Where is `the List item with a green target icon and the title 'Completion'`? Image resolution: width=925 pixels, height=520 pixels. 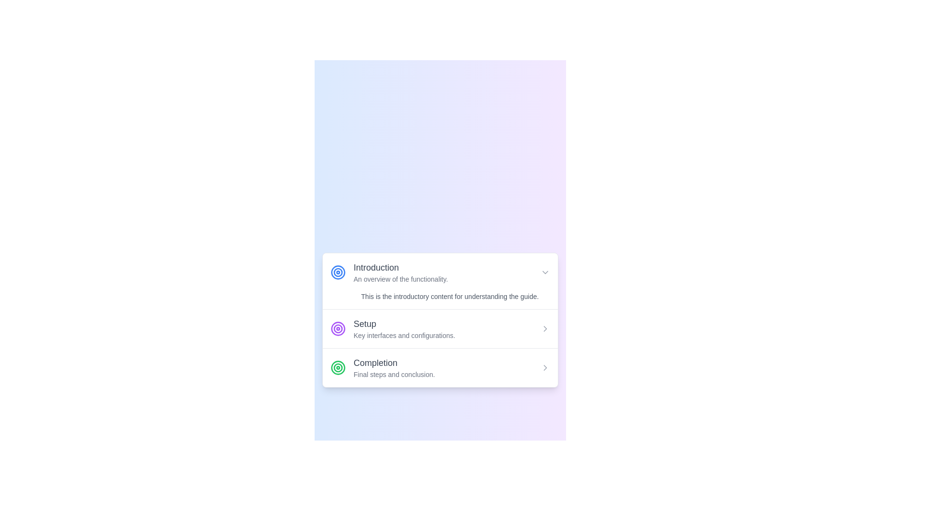
the List item with a green target icon and the title 'Completion' is located at coordinates (382, 367).